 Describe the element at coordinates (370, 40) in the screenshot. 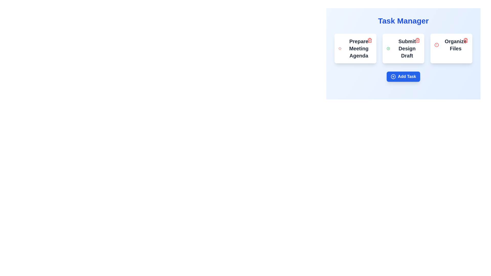

I see `the decorative graphical subcomponent of the trash bin icon located in the upper-right corner of the 'Prepare Meeting Agenda' card` at that location.